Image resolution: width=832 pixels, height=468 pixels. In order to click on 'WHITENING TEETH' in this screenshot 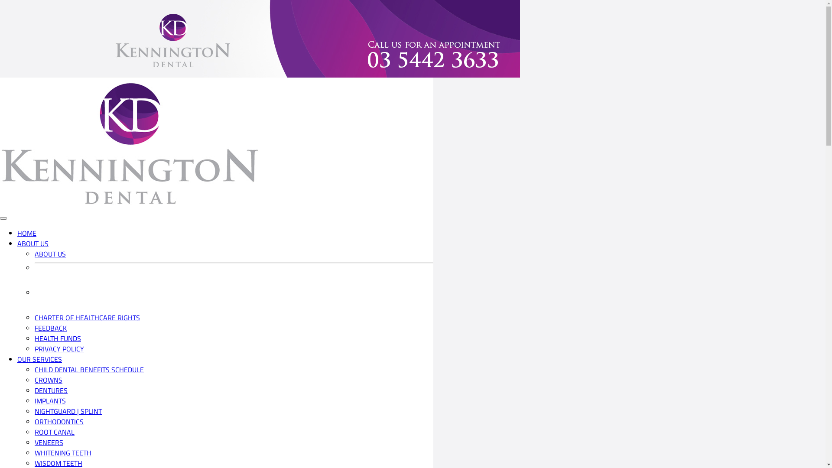, I will do `click(35, 452)`.